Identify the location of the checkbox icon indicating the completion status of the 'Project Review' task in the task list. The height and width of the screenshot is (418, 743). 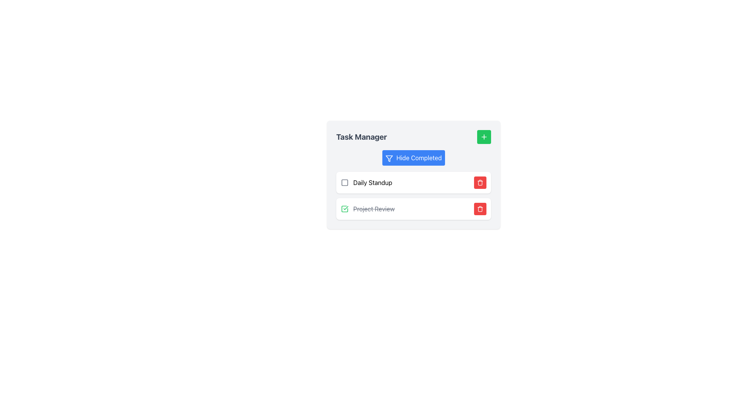
(344, 209).